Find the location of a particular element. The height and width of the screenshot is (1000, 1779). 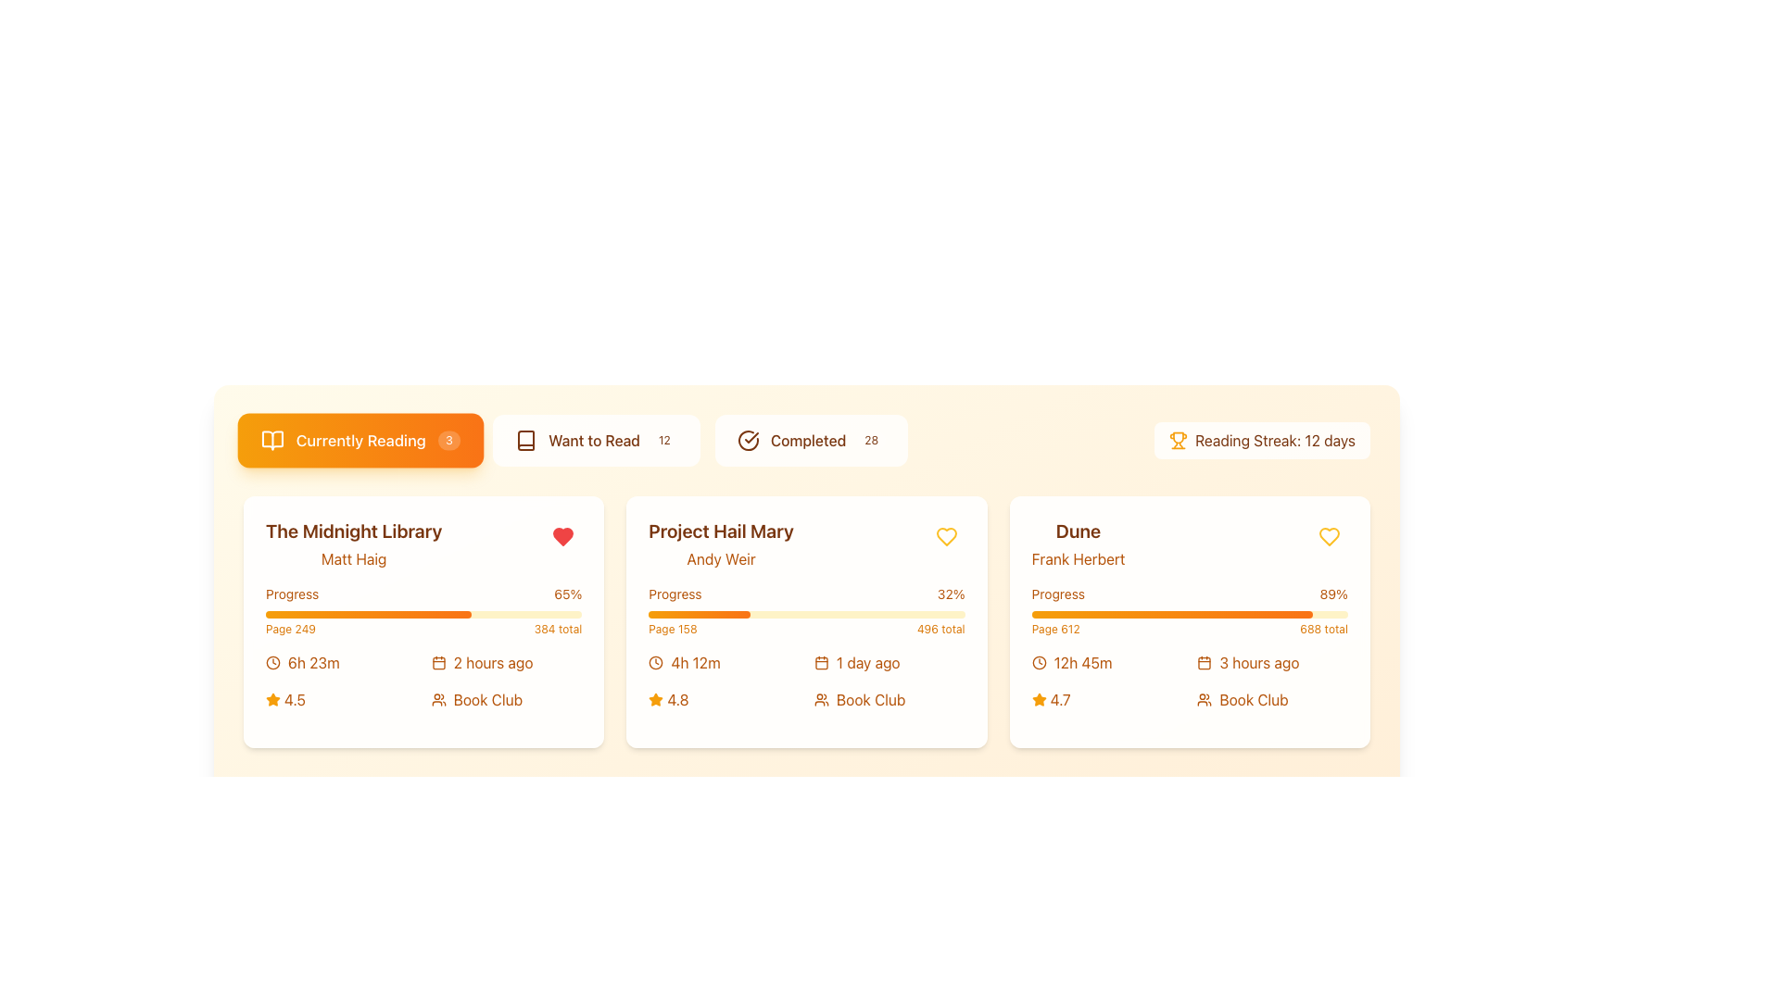

the date-related activity icon associated with 'Project Hail Mary' located to the left of the text '1 day ago' is located at coordinates (821, 662).